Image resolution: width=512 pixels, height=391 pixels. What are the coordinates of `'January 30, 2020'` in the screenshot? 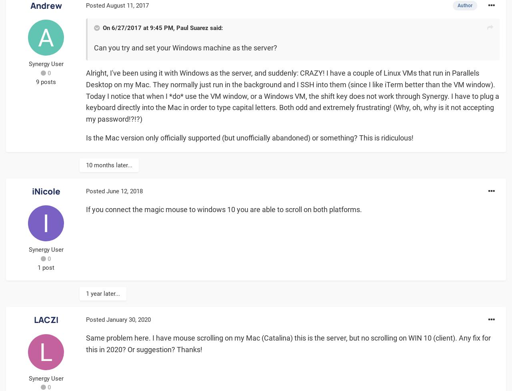 It's located at (128, 319).